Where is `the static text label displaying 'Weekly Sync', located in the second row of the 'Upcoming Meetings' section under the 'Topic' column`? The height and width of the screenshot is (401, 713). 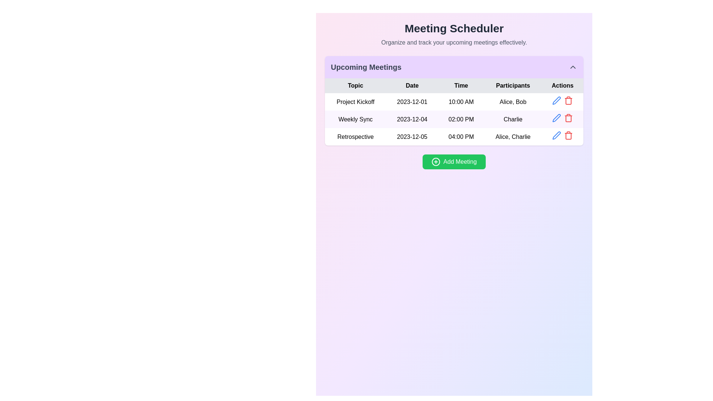 the static text label displaying 'Weekly Sync', located in the second row of the 'Upcoming Meetings' section under the 'Topic' column is located at coordinates (355, 119).